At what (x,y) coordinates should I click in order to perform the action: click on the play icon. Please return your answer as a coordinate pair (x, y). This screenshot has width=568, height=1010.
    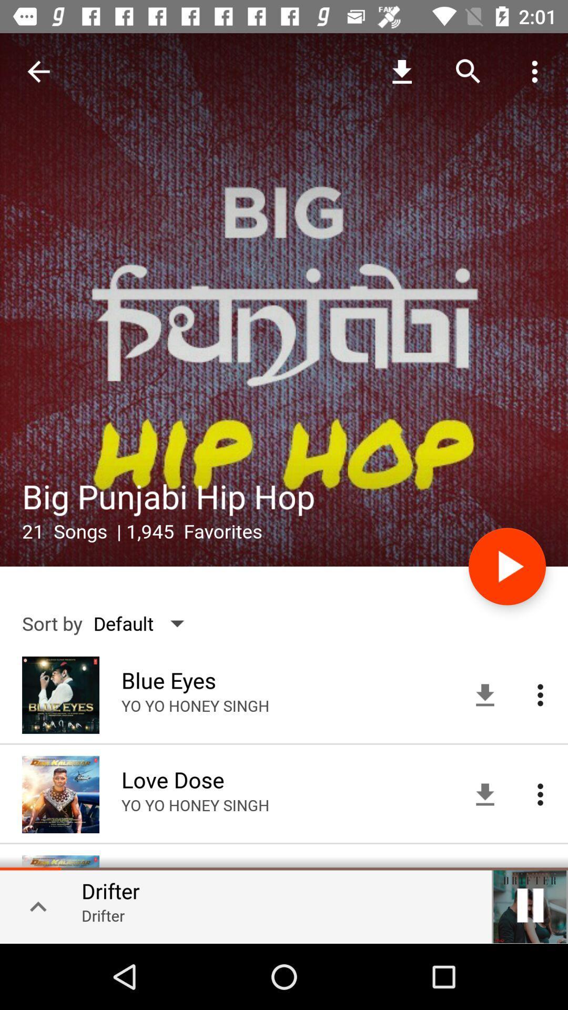
    Looking at the image, I should click on (506, 565).